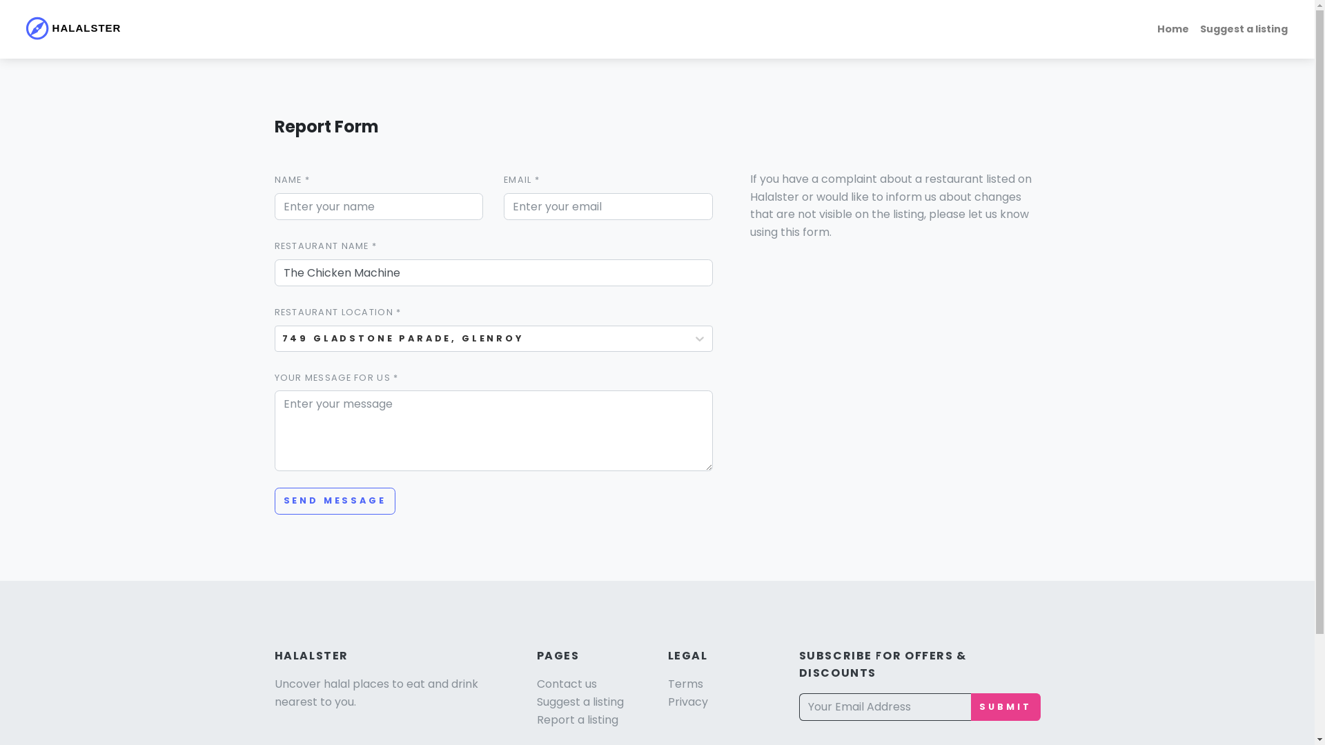 This screenshot has width=1325, height=745. What do you see at coordinates (536, 719) in the screenshot?
I see `'Report a listing'` at bounding box center [536, 719].